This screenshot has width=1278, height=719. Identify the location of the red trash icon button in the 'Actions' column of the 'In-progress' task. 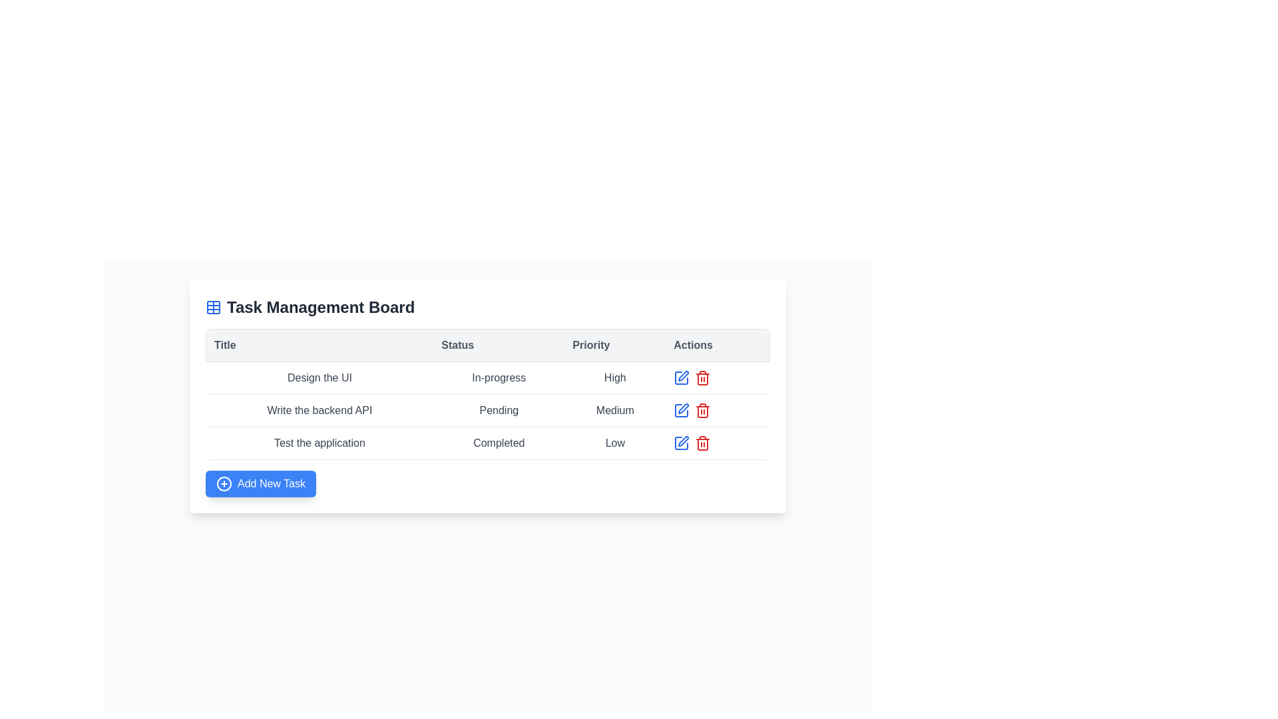
(702, 377).